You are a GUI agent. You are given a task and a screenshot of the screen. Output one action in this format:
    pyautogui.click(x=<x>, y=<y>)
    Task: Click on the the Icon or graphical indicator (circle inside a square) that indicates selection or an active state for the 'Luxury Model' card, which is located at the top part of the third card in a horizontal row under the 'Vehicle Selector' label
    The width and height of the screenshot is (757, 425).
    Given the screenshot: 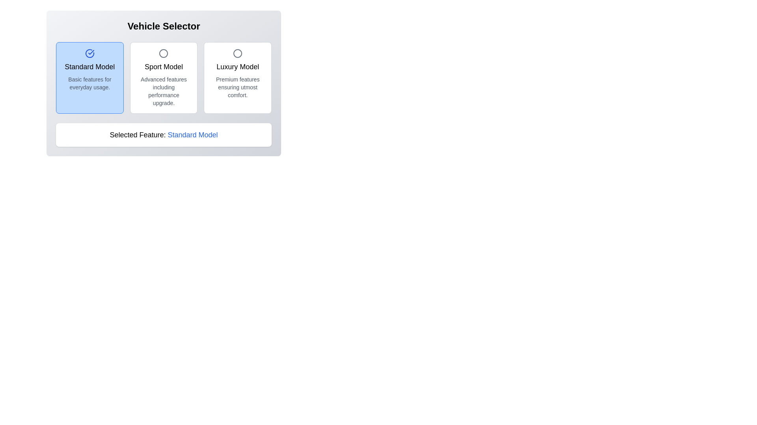 What is the action you would take?
    pyautogui.click(x=237, y=53)
    